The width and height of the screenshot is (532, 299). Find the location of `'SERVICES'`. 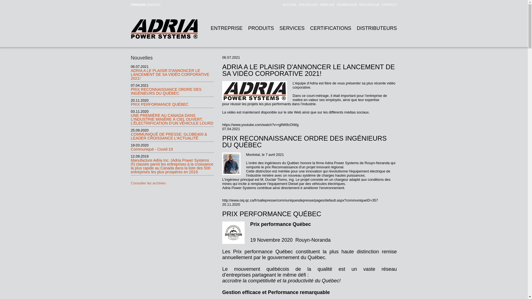

'SERVICES' is located at coordinates (291, 28).